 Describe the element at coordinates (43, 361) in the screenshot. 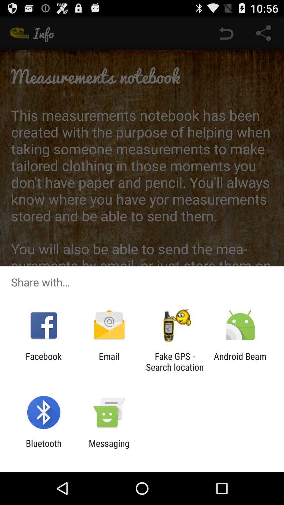

I see `item next to the email icon` at that location.